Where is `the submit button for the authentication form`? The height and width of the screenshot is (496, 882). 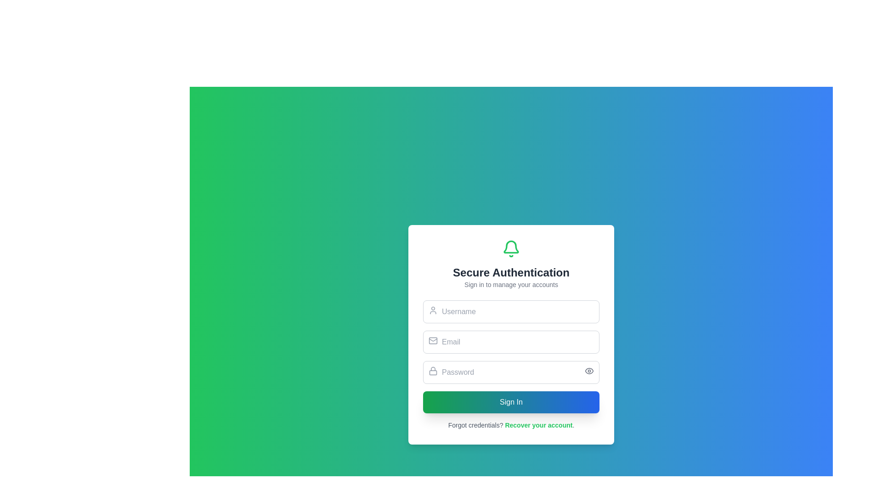 the submit button for the authentication form is located at coordinates (511, 401).